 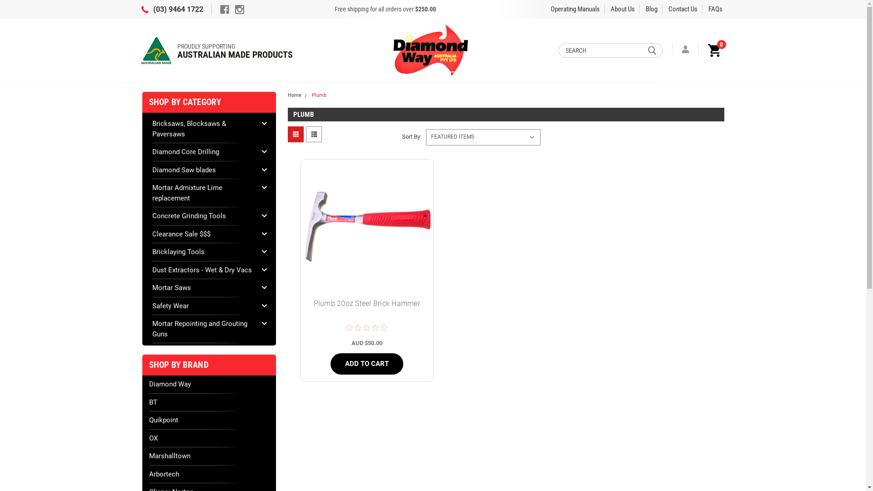 I want to click on 'OX', so click(x=209, y=437).